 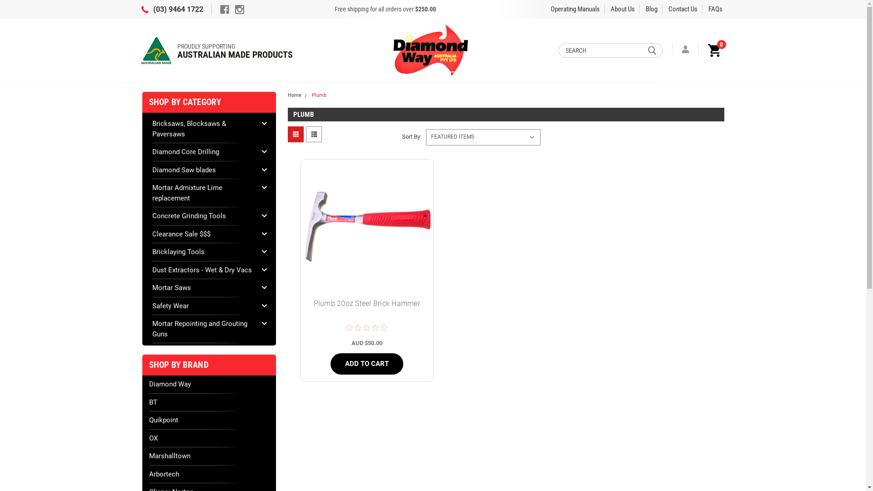 I want to click on 'OX', so click(x=209, y=437).